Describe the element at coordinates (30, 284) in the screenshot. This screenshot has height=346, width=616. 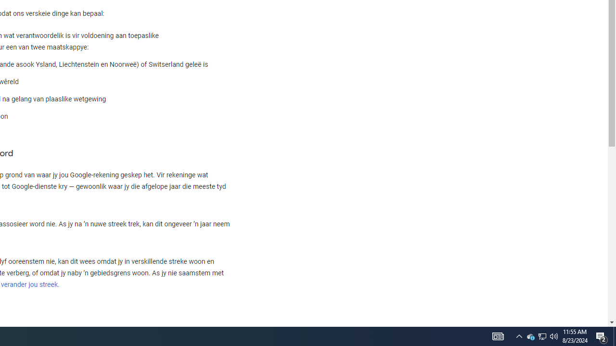
I see `'verander jou streek.'` at that location.